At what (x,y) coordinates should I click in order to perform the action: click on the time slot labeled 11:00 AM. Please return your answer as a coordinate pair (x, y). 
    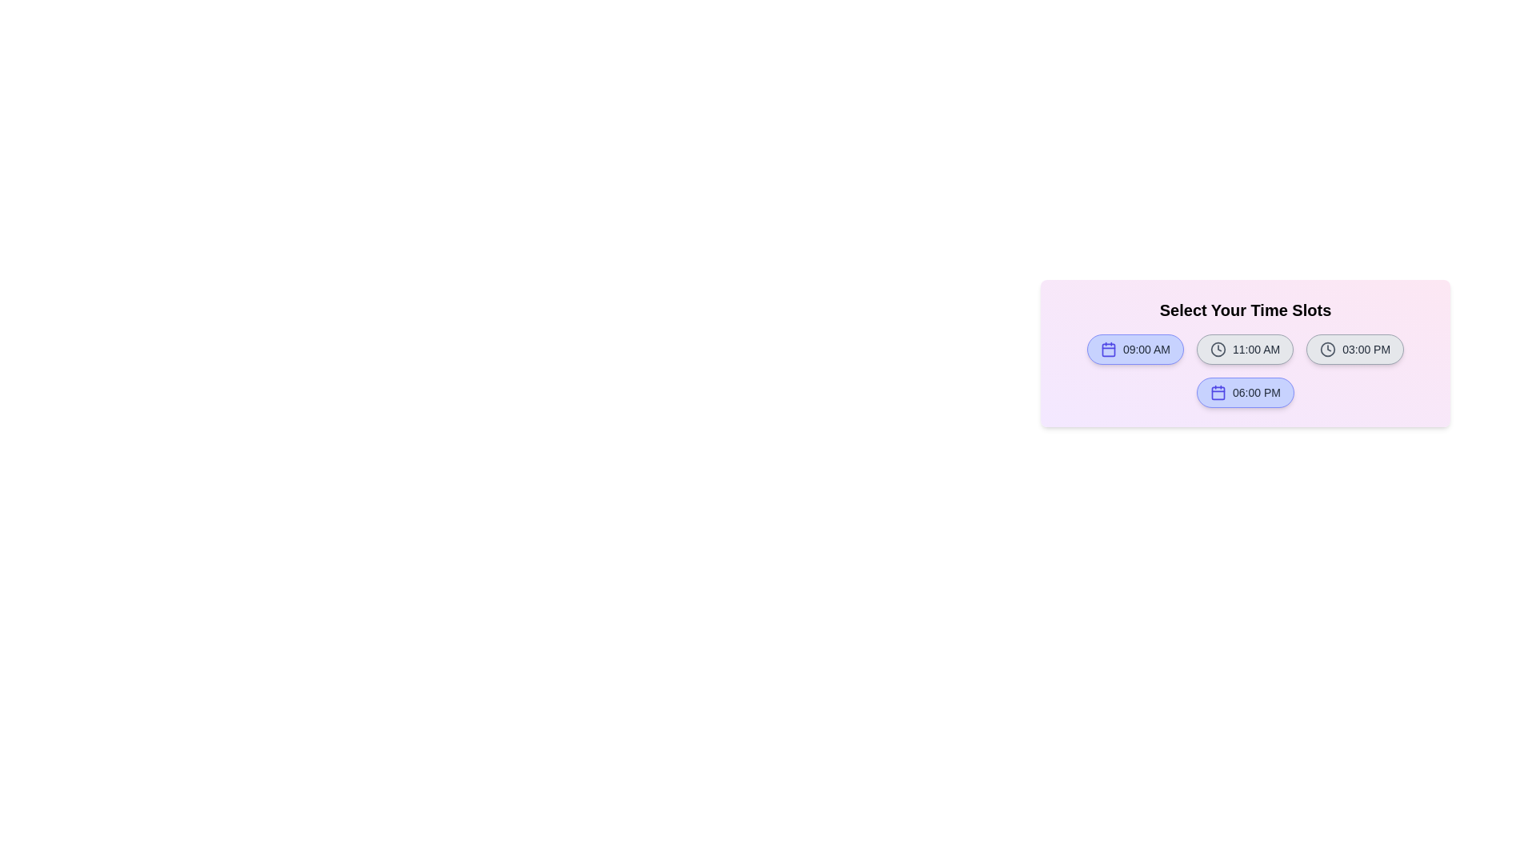
    Looking at the image, I should click on (1243, 348).